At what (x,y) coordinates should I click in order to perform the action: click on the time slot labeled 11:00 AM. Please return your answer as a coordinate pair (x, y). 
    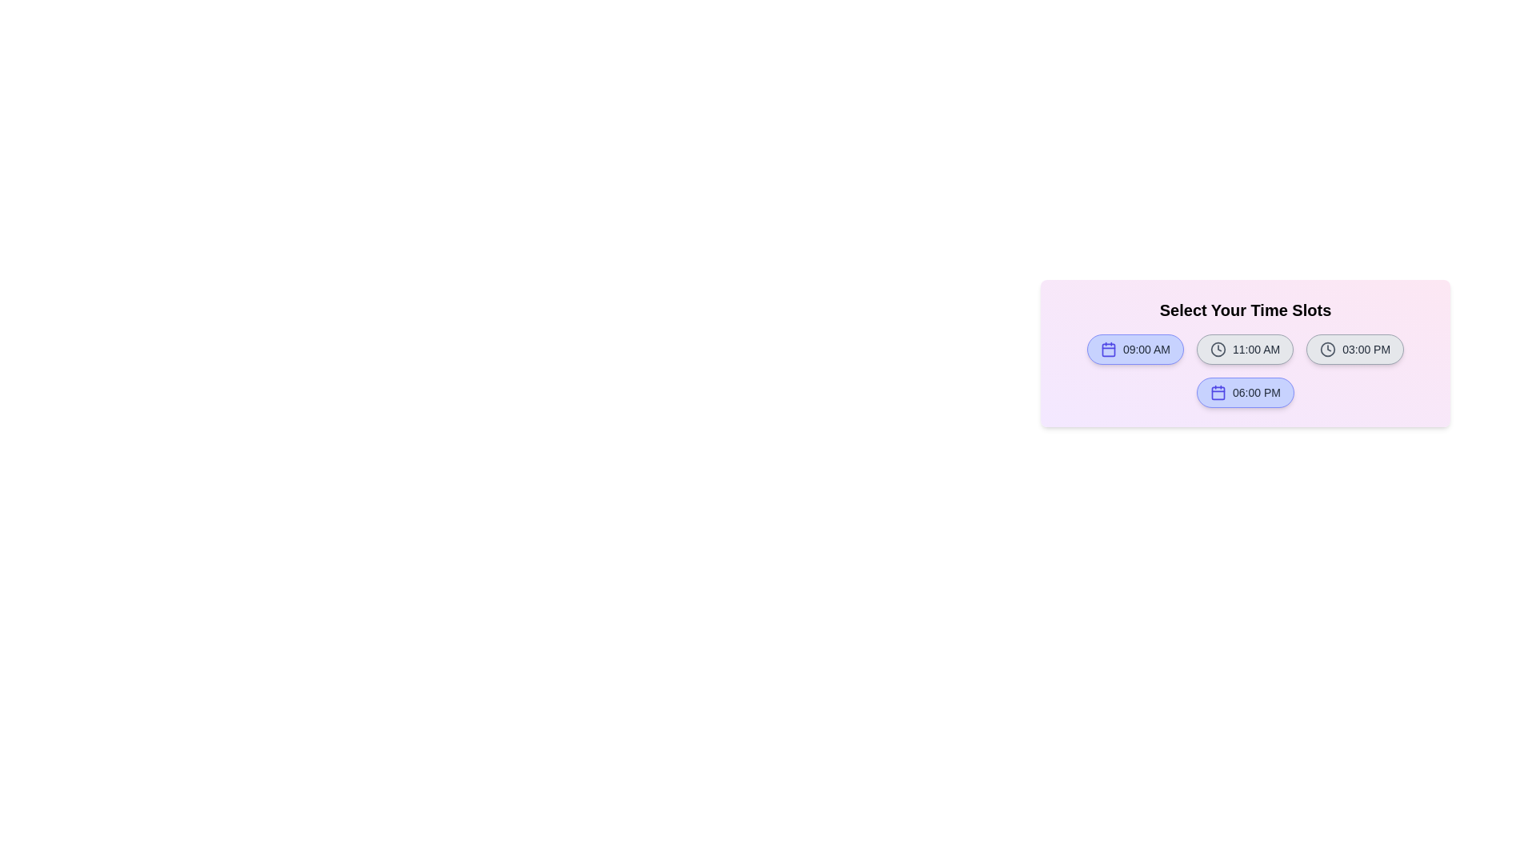
    Looking at the image, I should click on (1243, 348).